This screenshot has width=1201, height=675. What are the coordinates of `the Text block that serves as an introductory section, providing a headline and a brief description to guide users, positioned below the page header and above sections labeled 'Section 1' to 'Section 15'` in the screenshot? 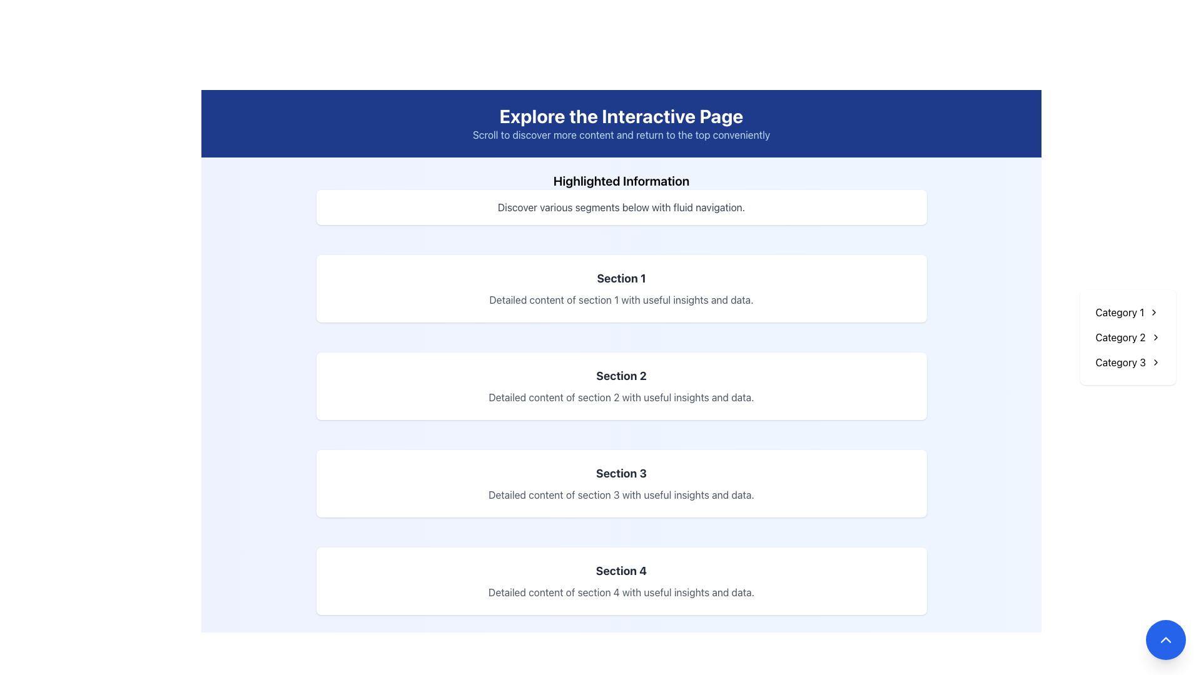 It's located at (621, 197).